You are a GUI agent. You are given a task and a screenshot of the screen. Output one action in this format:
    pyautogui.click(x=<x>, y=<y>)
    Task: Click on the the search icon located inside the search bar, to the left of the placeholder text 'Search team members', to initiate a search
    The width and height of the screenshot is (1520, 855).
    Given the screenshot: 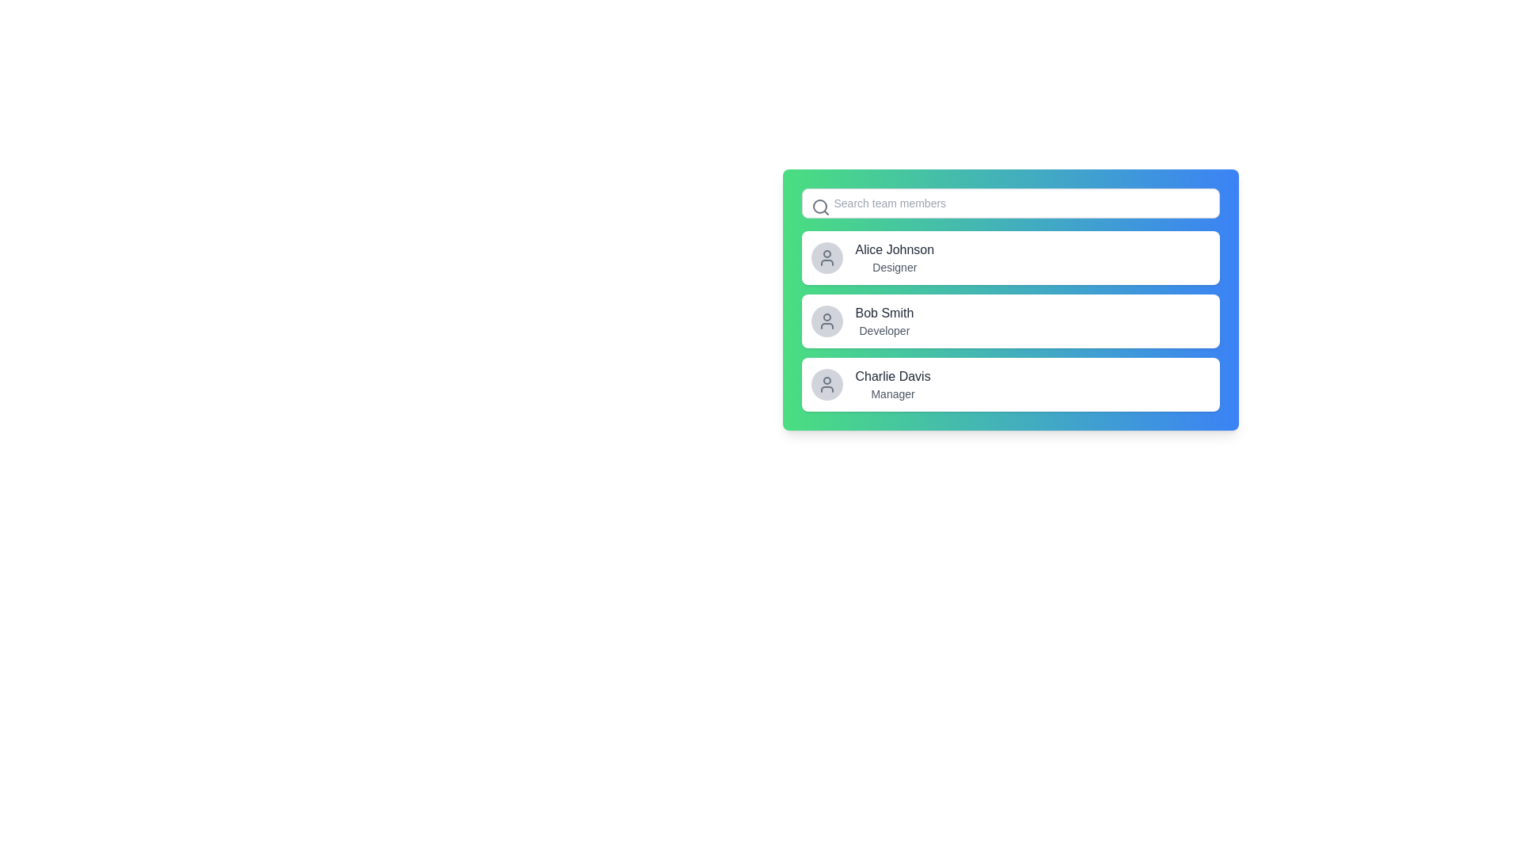 What is the action you would take?
    pyautogui.click(x=820, y=207)
    